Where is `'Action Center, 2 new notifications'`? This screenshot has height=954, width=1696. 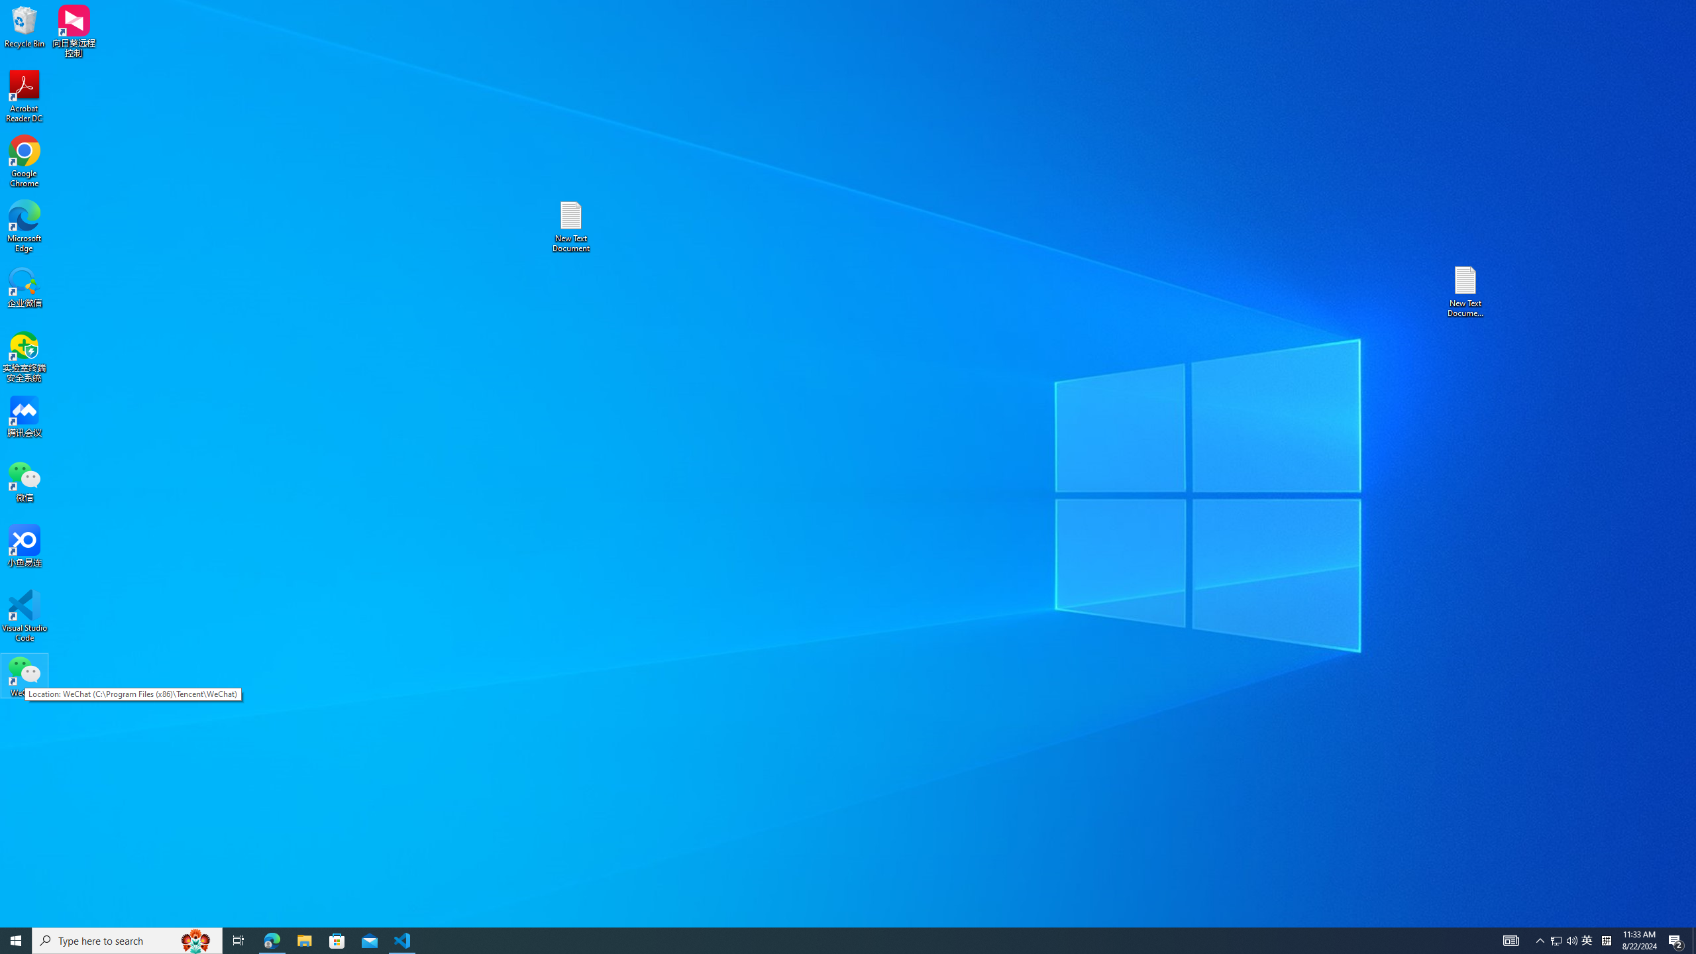 'Action Center, 2 new notifications' is located at coordinates (1676, 939).